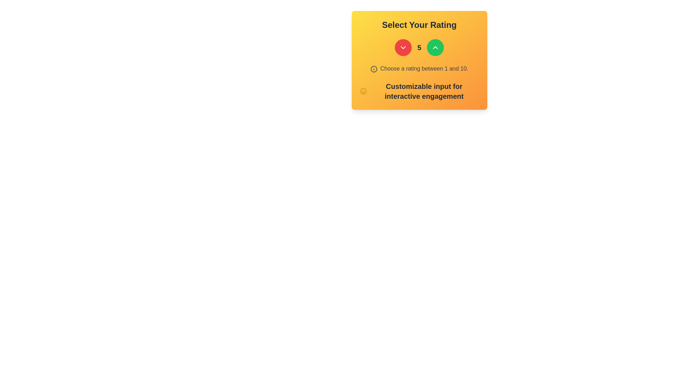  Describe the element at coordinates (435, 48) in the screenshot. I see `the increment button located to the right of the numerical rating '5' and to the left of the rating title 'Select Your Rating'` at that location.